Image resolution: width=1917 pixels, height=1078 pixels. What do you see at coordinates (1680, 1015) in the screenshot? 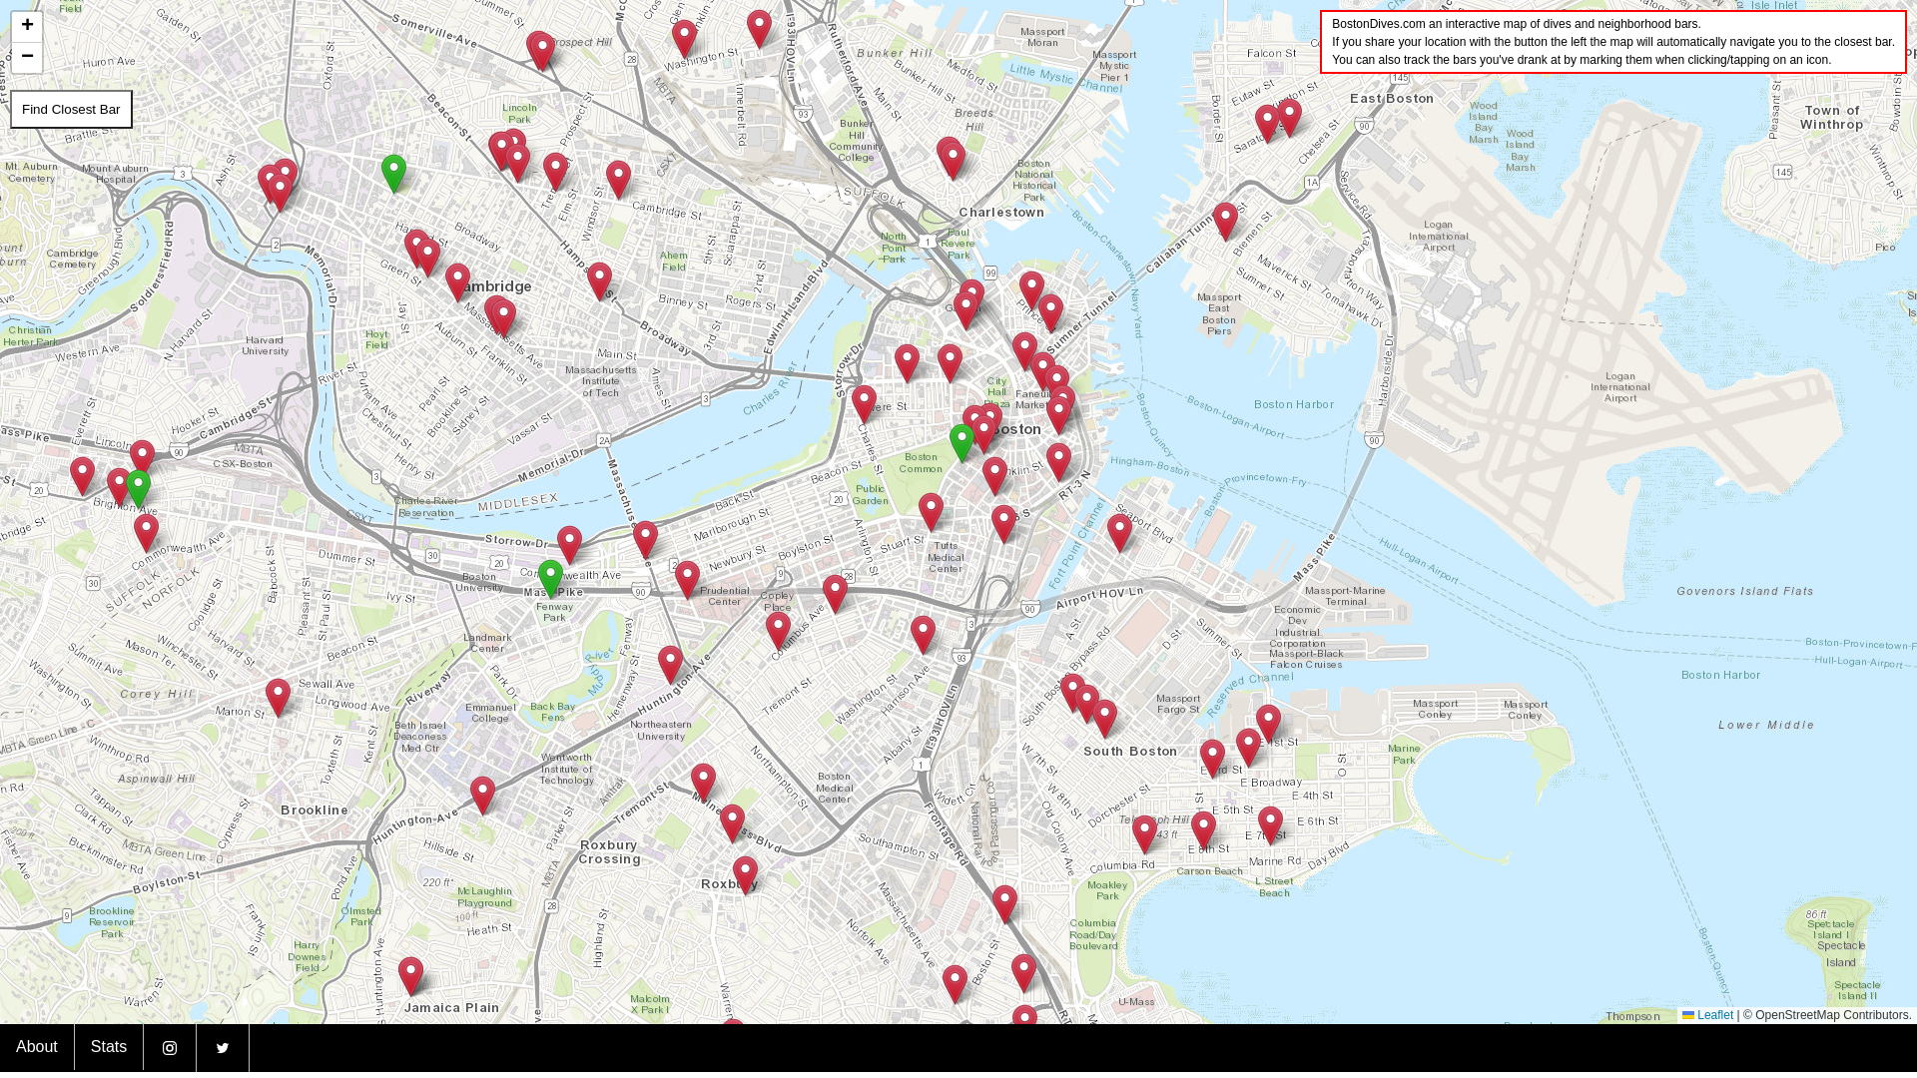
I see `'Leaflet'` at bounding box center [1680, 1015].